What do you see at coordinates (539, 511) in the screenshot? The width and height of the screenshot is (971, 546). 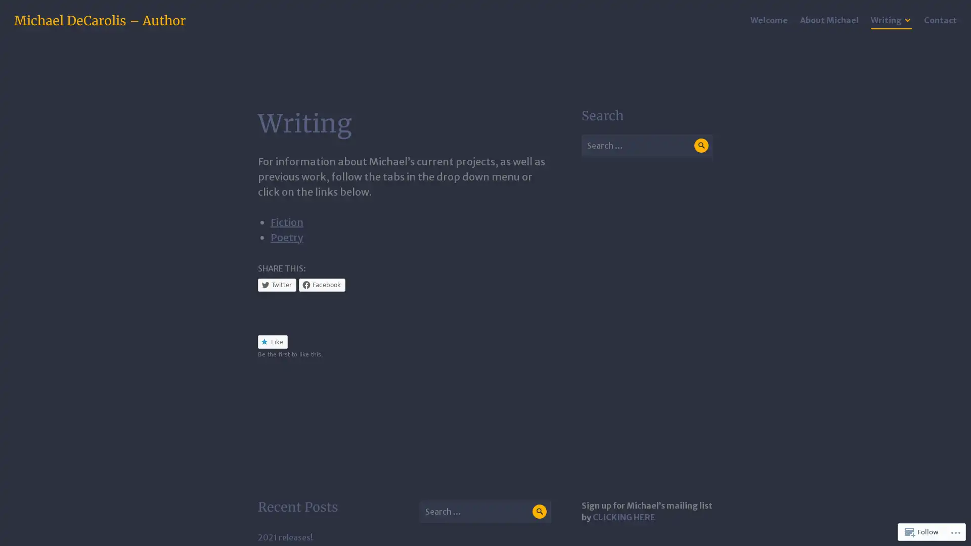 I see `Search` at bounding box center [539, 511].